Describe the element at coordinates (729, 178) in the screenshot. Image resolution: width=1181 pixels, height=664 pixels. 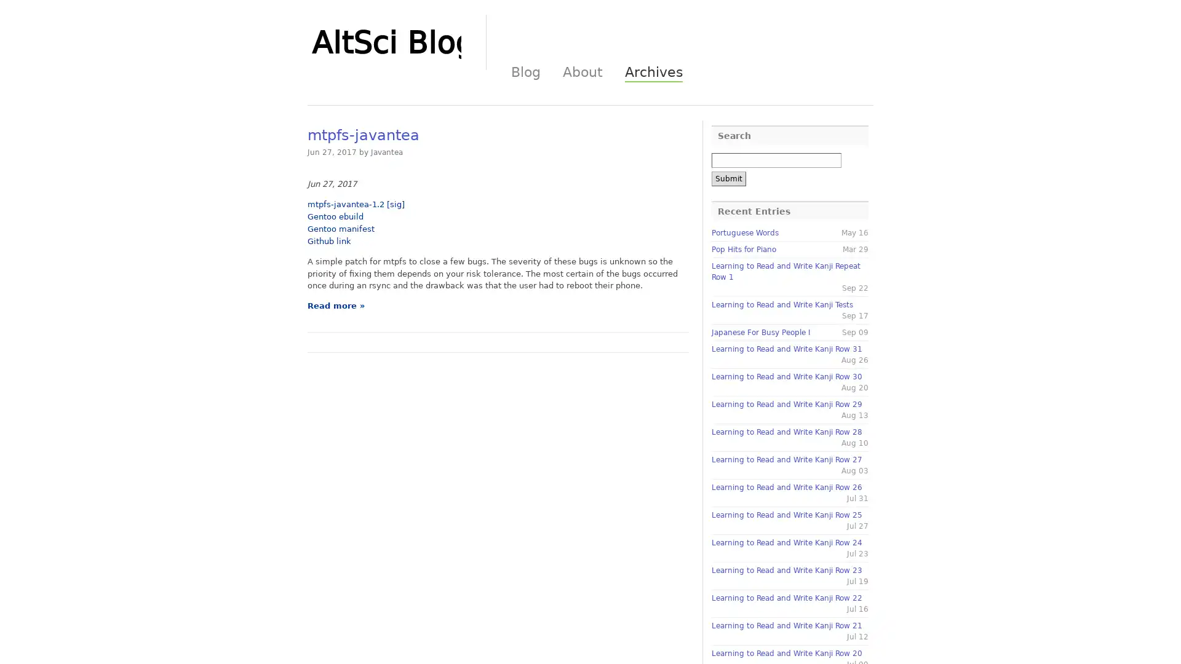
I see `Submit` at that location.